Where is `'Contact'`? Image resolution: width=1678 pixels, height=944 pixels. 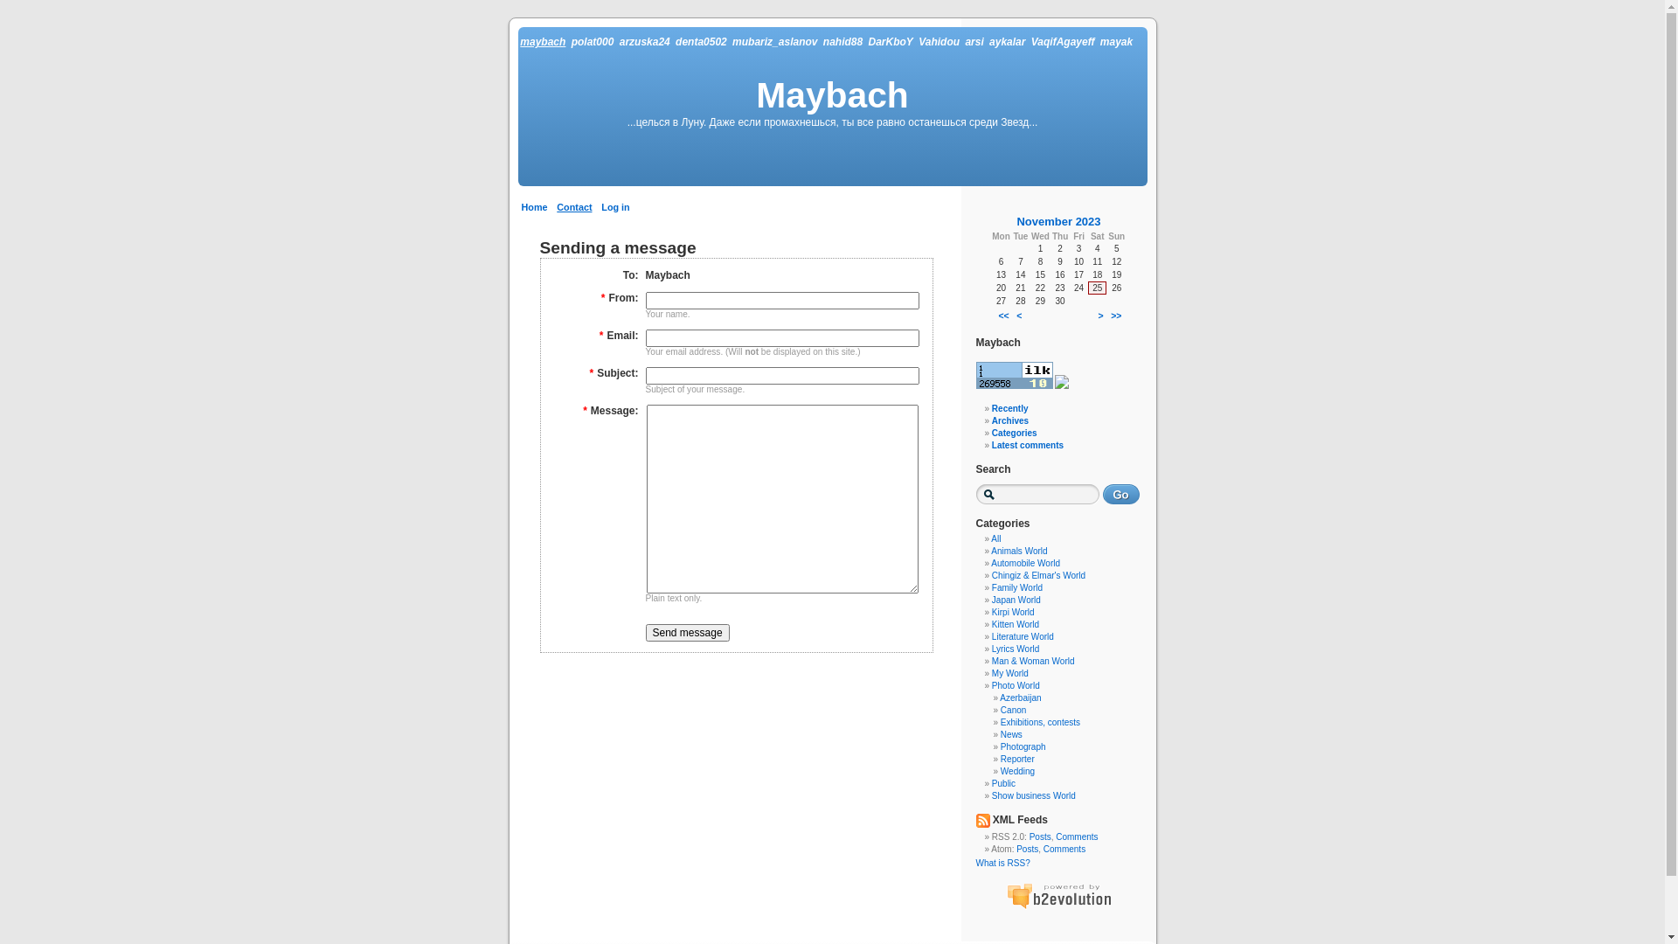 'Contact' is located at coordinates (556, 205).